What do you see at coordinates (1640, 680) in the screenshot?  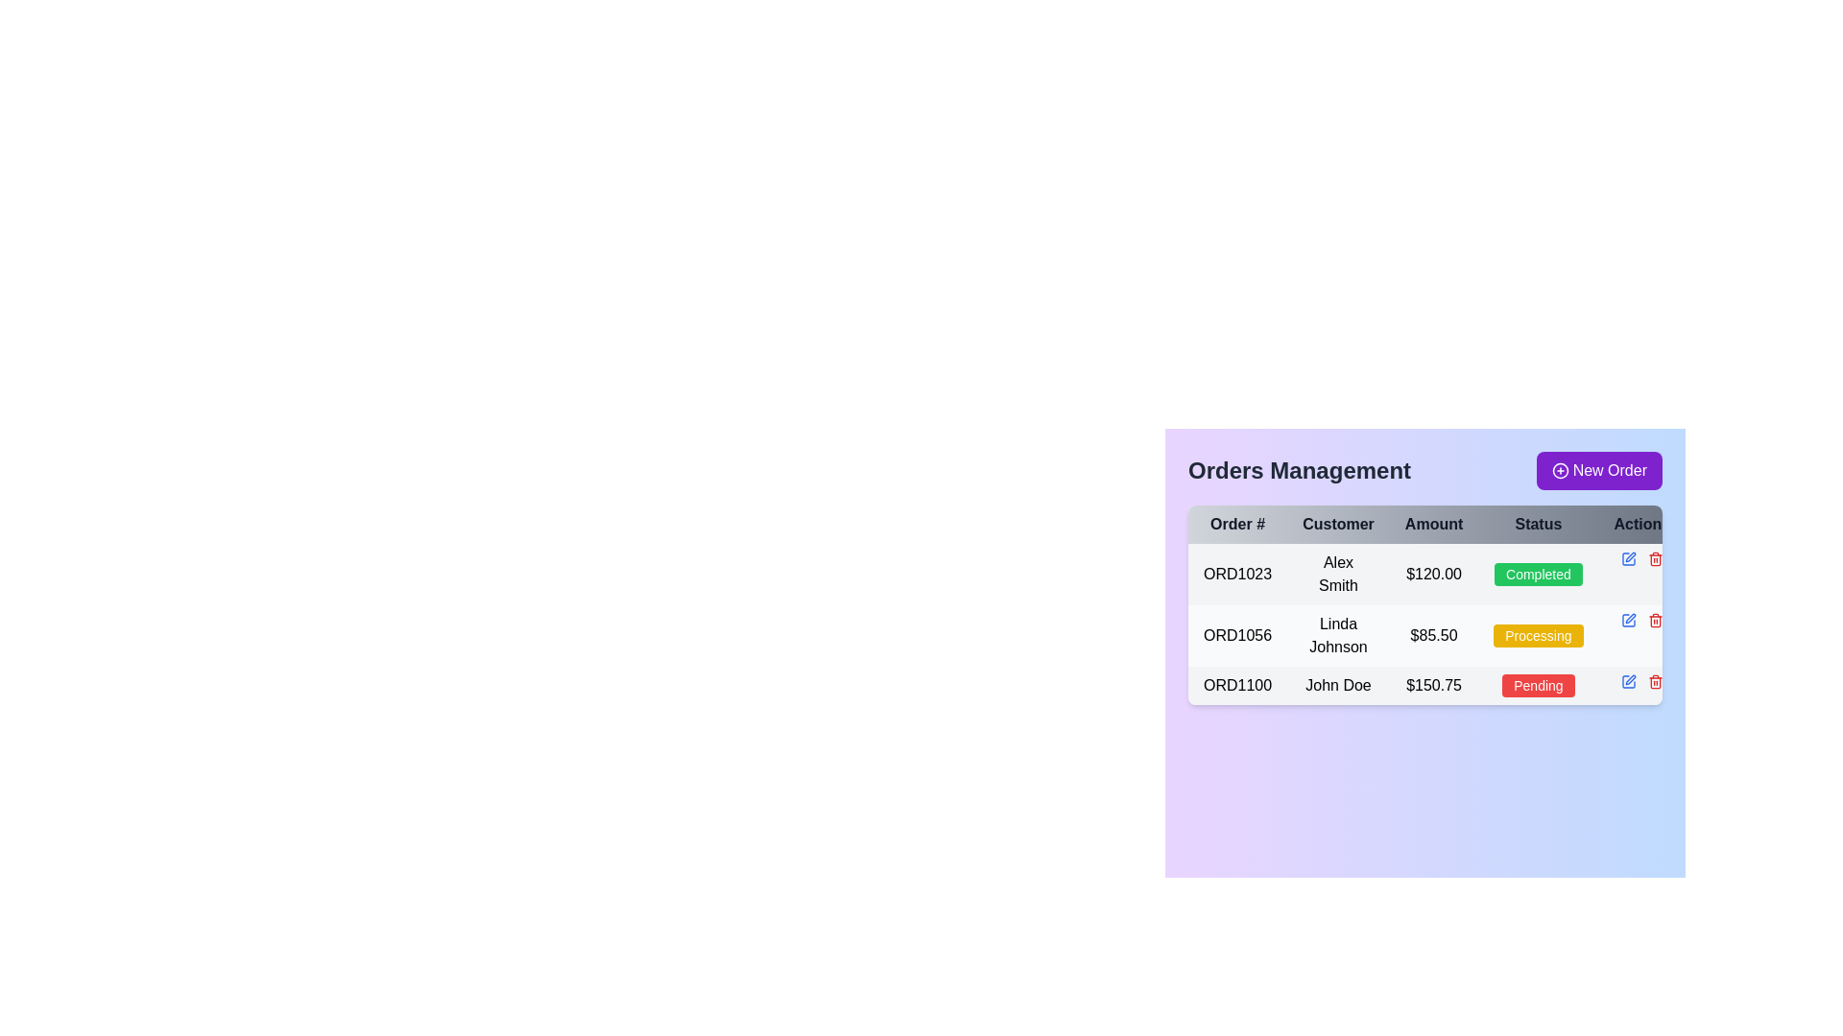 I see `the delete icon in the Button group located in the 'Action' column of the last row in the orders table` at bounding box center [1640, 680].